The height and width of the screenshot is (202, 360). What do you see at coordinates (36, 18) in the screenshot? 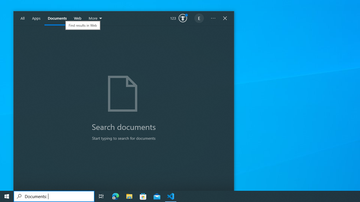
I see `'Apps'` at bounding box center [36, 18].